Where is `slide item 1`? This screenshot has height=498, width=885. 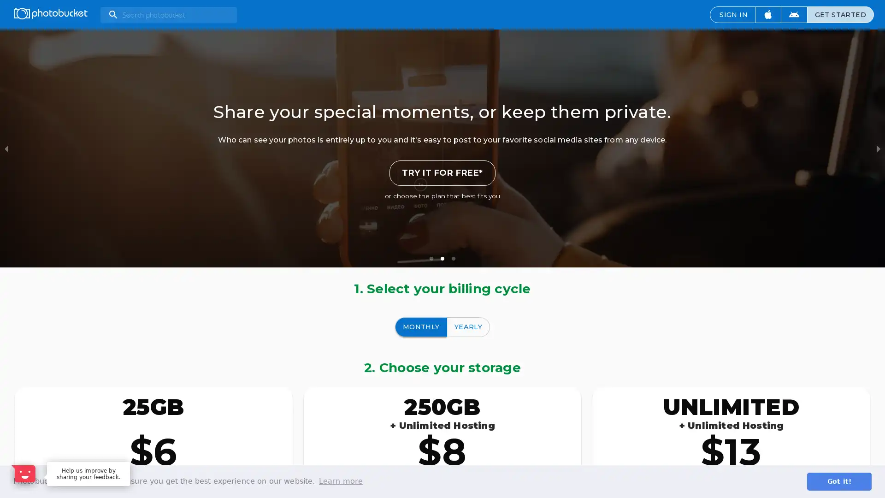
slide item 1 is located at coordinates (431, 258).